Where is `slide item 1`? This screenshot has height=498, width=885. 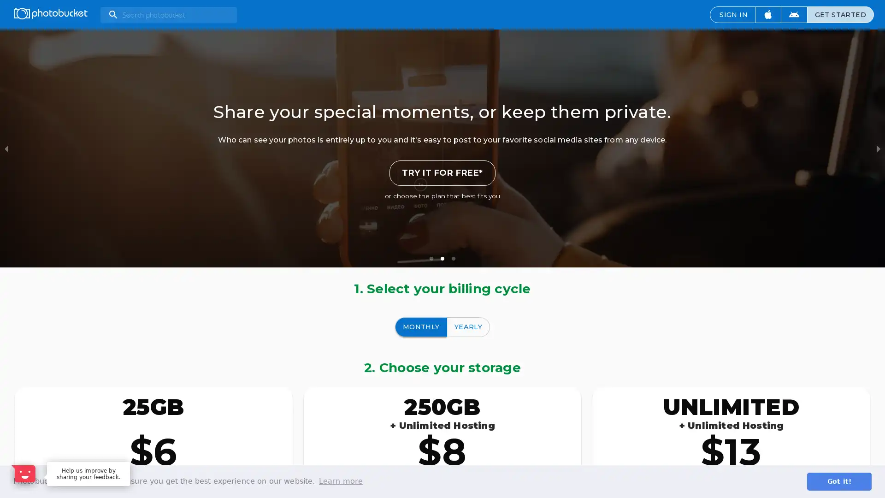
slide item 1 is located at coordinates (431, 258).